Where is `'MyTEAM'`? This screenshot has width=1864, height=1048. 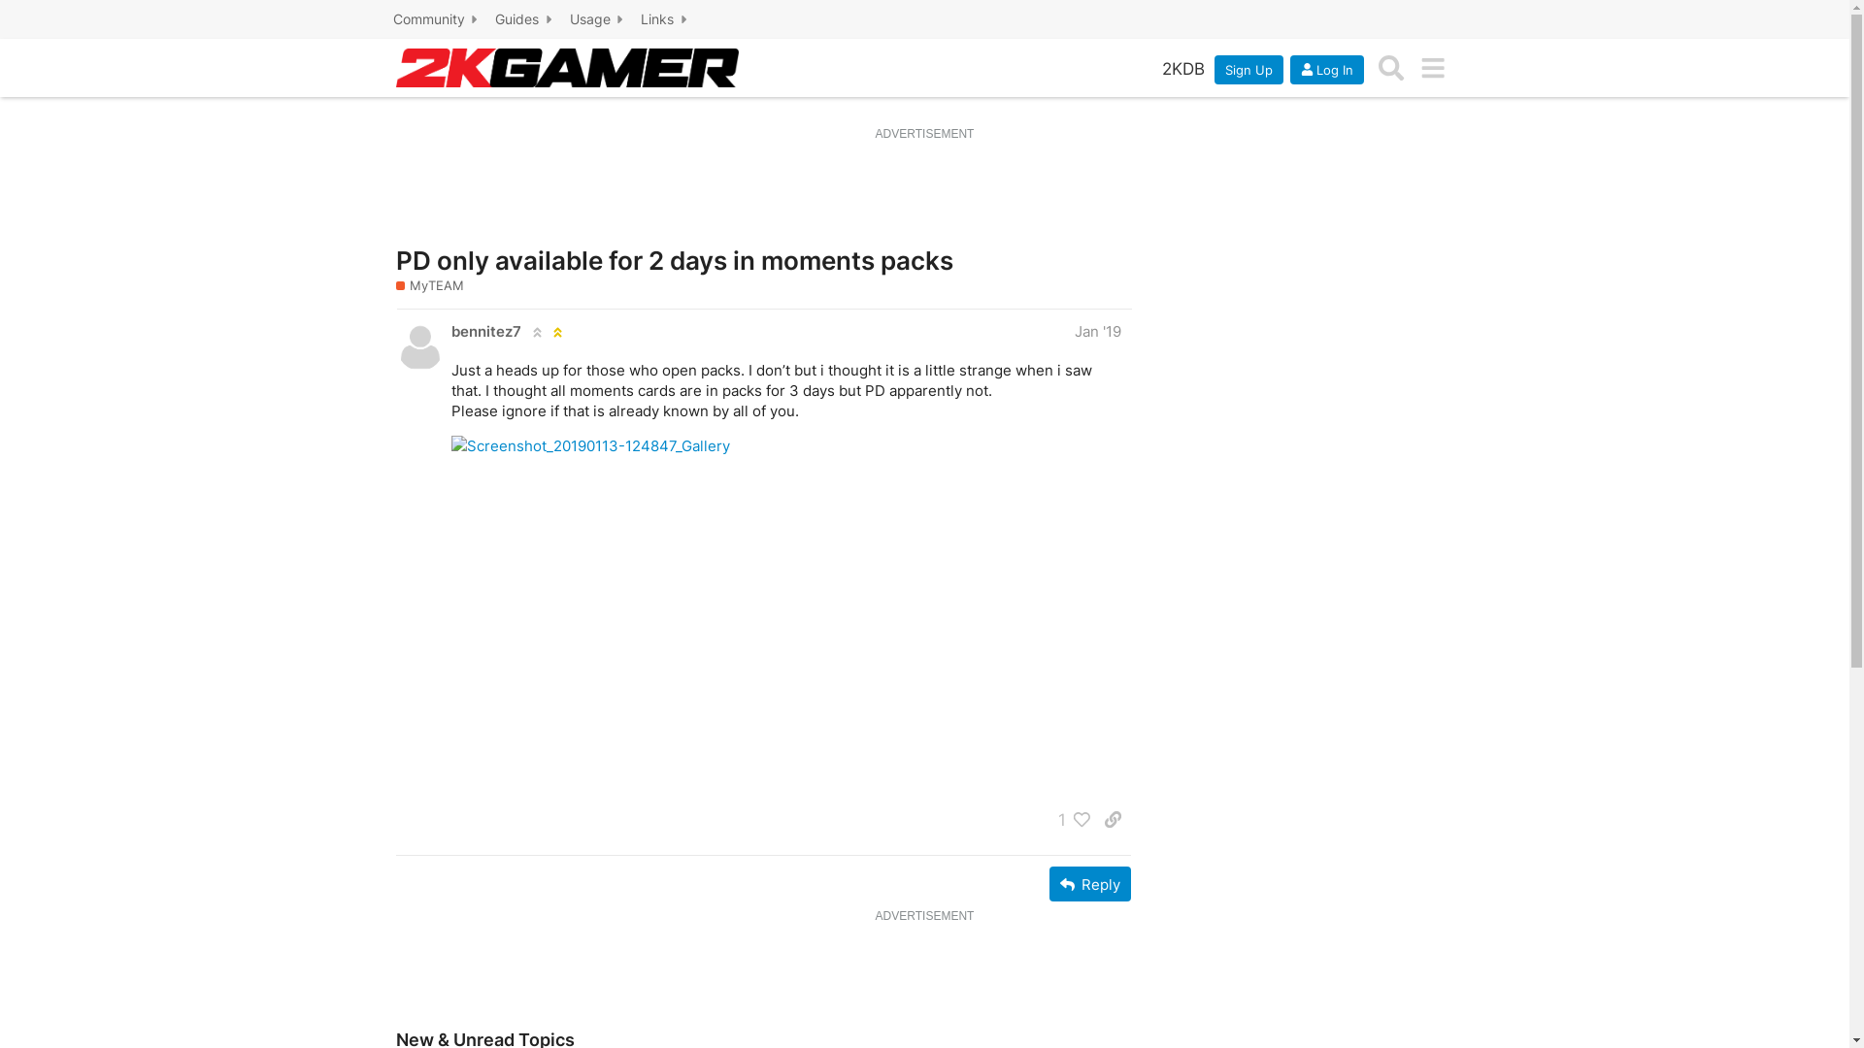
'MyTEAM' is located at coordinates (428, 284).